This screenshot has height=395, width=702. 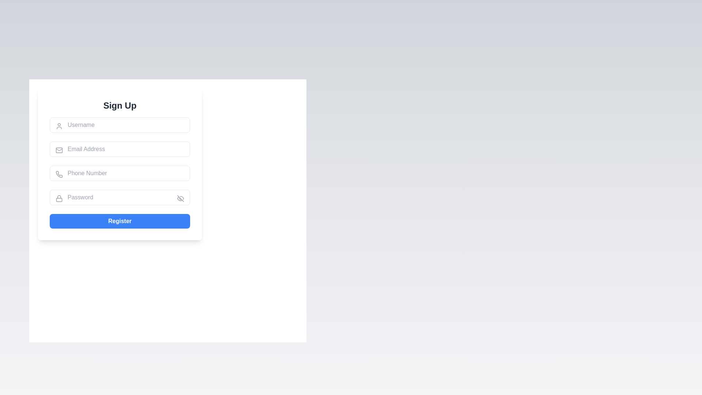 What do you see at coordinates (59, 174) in the screenshot?
I see `SVG properties of the small phone icon located within the 'Phone Number' input field, positioned to the left inside the text input area` at bounding box center [59, 174].